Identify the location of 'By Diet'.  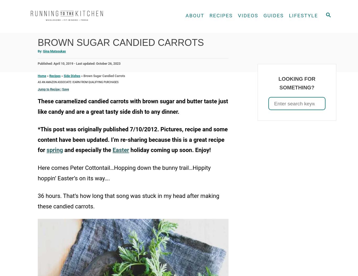
(203, 39).